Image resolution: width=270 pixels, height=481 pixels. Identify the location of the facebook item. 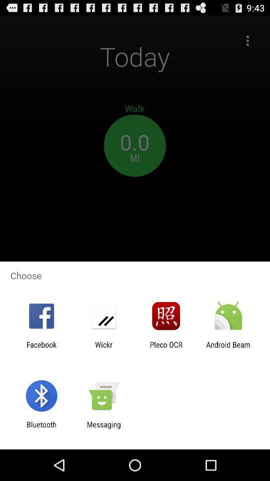
(41, 349).